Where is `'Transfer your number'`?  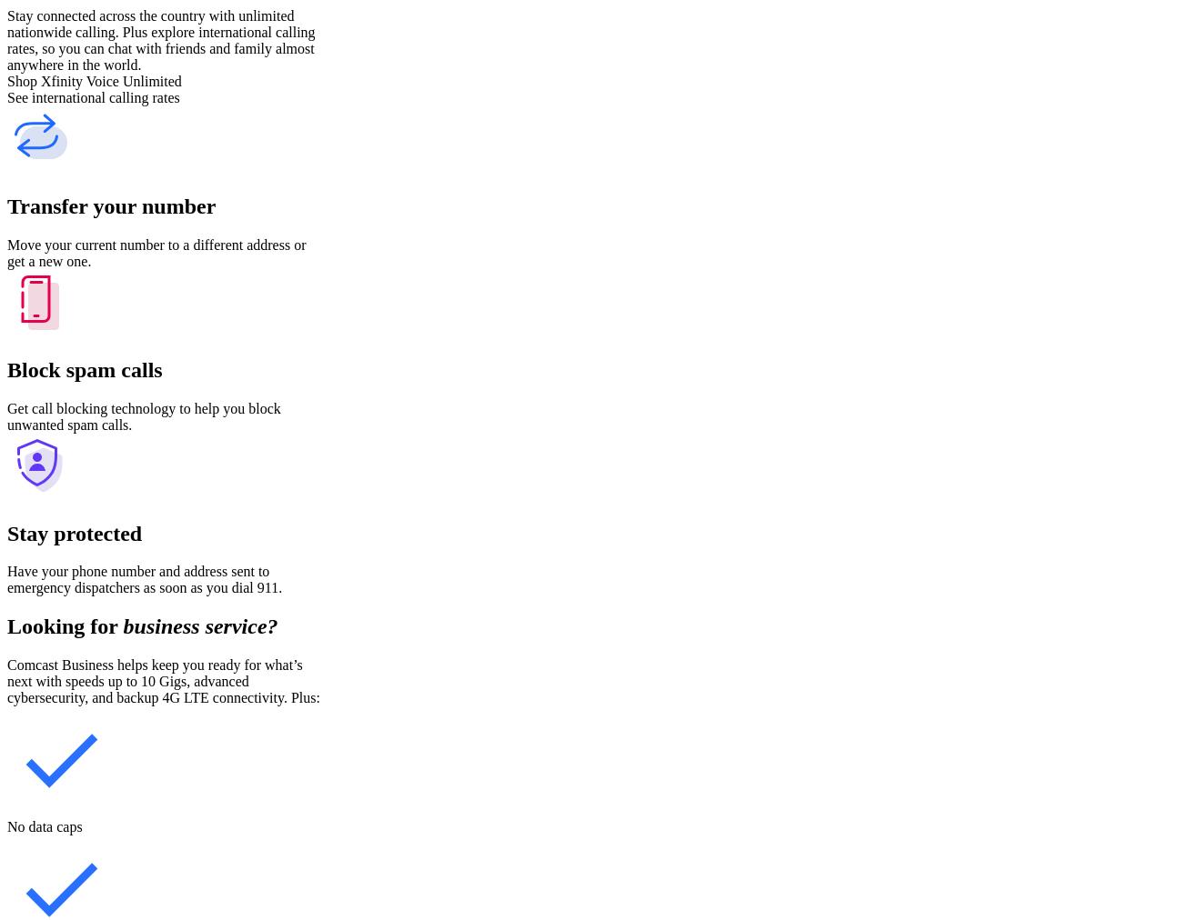 'Transfer your number' is located at coordinates (110, 205).